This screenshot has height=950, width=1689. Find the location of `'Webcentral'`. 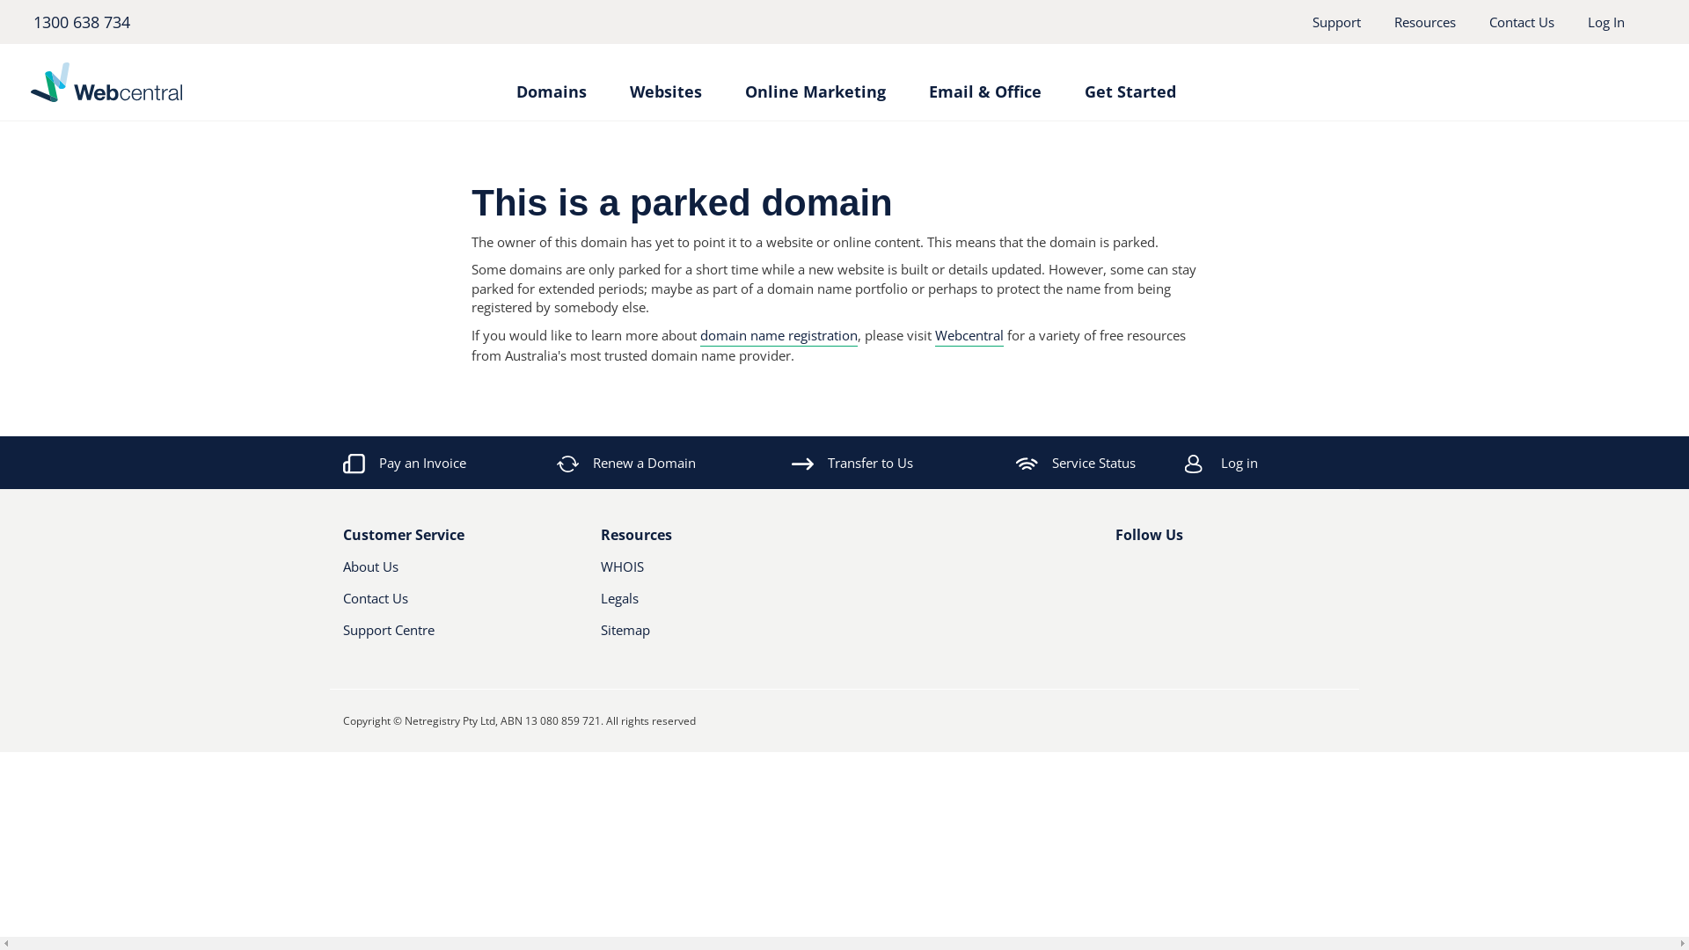

'Webcentral' is located at coordinates (969, 335).